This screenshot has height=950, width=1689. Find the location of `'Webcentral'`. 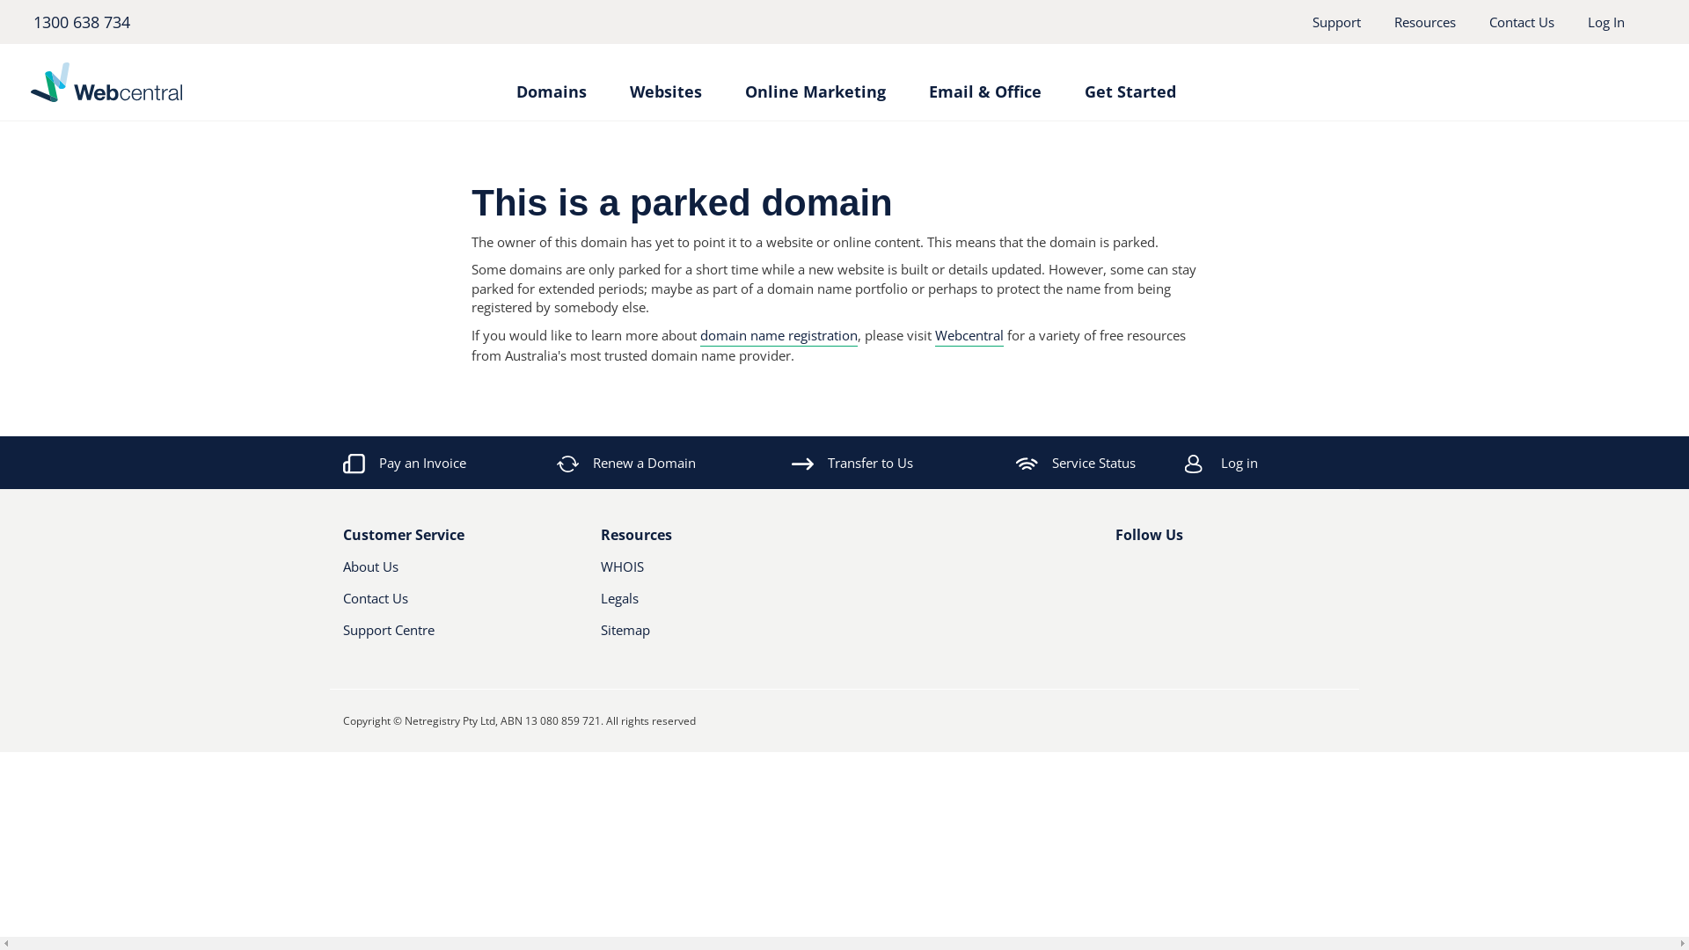

'Webcentral' is located at coordinates (969, 335).